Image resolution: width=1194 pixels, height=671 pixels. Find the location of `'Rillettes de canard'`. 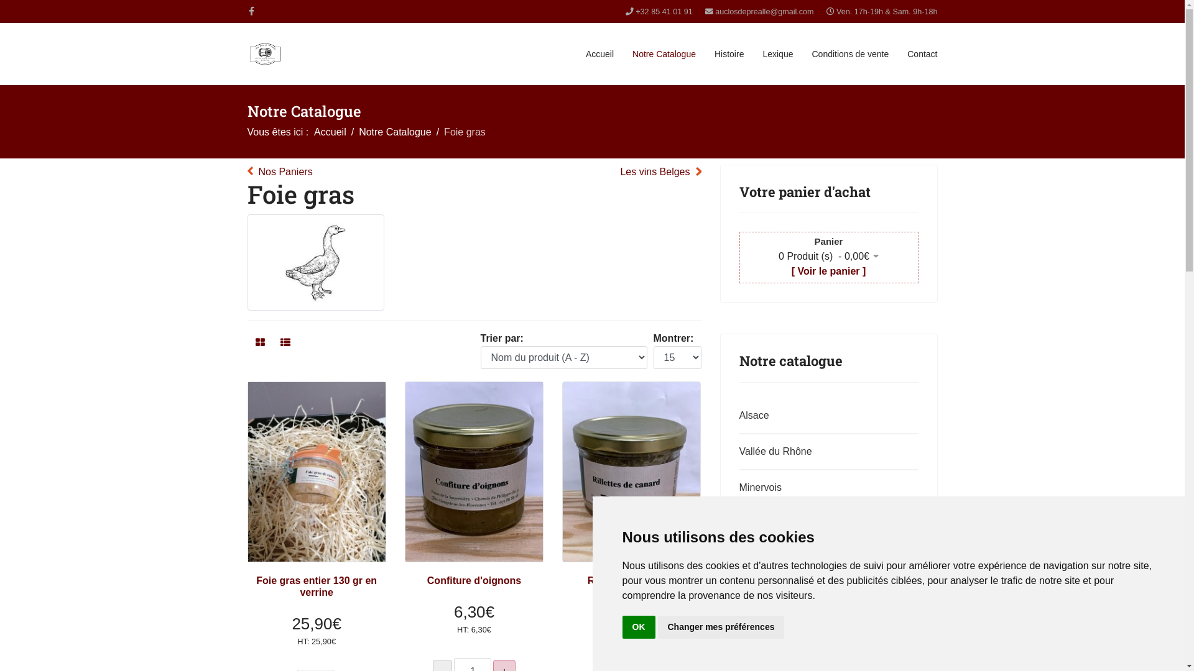

'Rillettes de canard' is located at coordinates (587, 580).